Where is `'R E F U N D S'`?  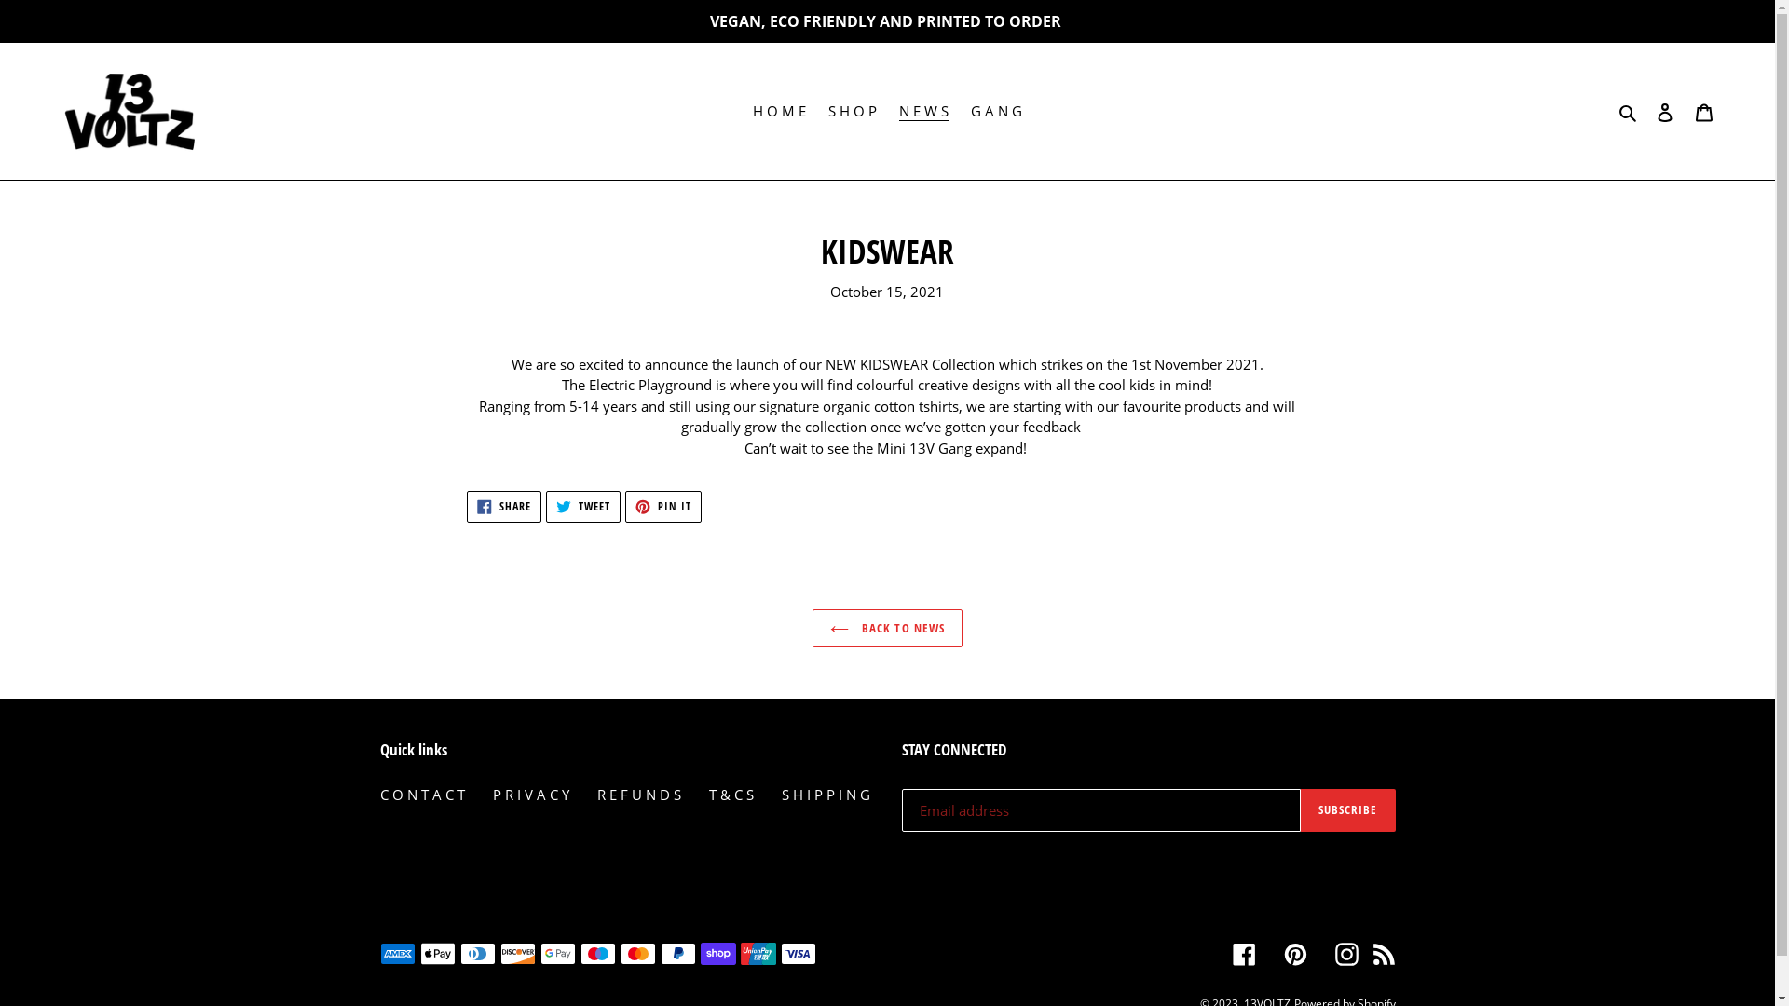 'R E F U N D S' is located at coordinates (638, 794).